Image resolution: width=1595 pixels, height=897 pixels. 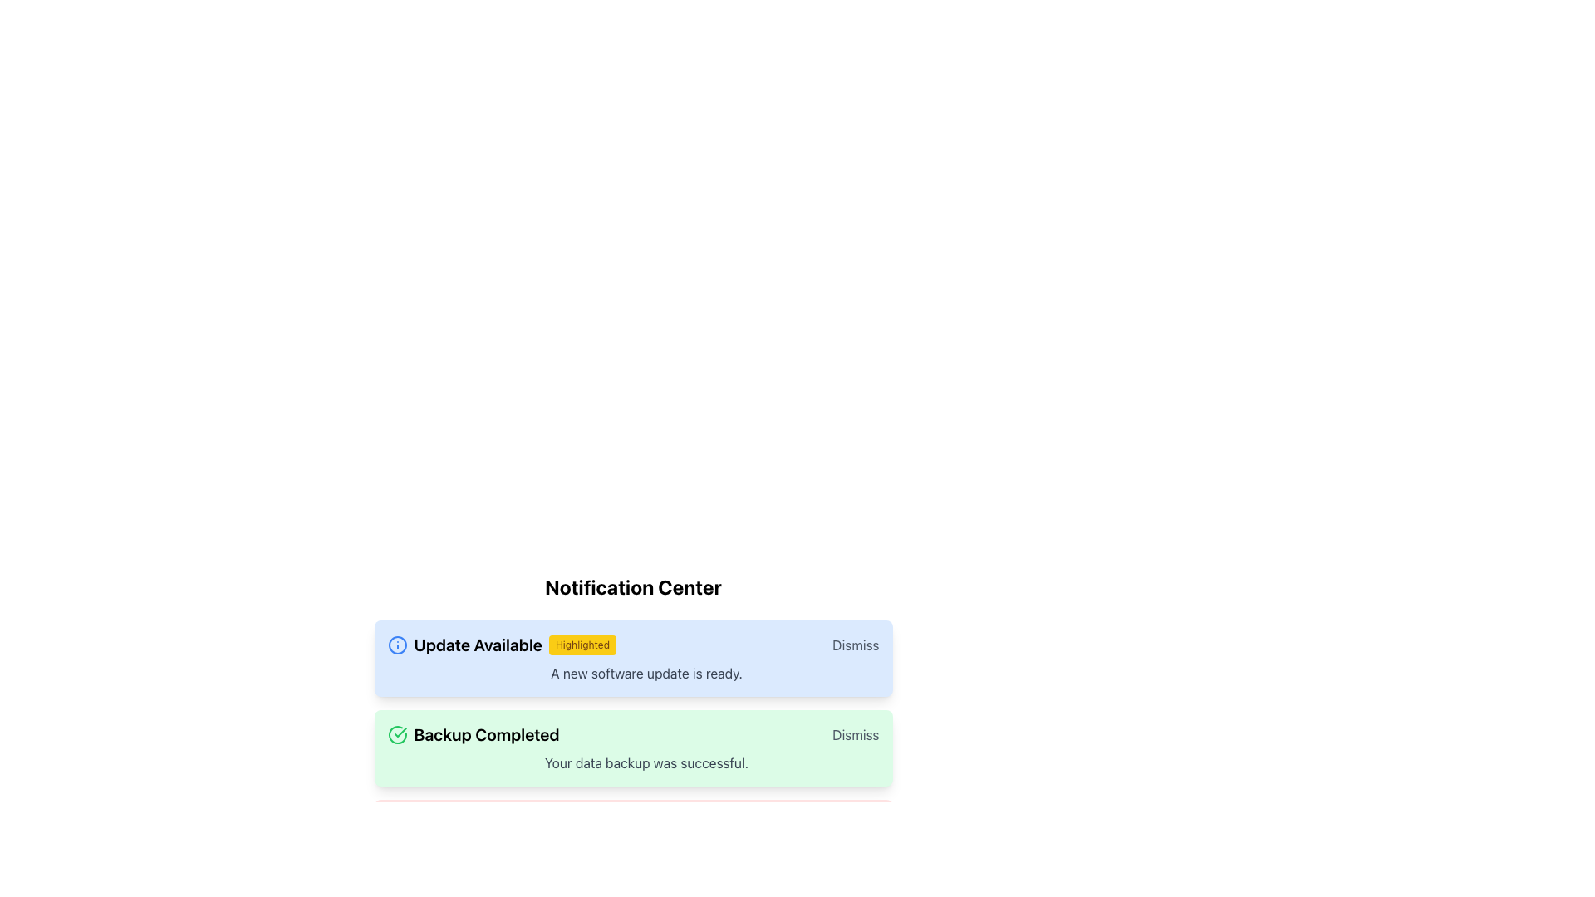 What do you see at coordinates (501, 644) in the screenshot?
I see `details of the 'Update Available' notification banner, which includes an info icon, bold text, and a yellow 'Highlighted' label, located in the Notification Center` at bounding box center [501, 644].